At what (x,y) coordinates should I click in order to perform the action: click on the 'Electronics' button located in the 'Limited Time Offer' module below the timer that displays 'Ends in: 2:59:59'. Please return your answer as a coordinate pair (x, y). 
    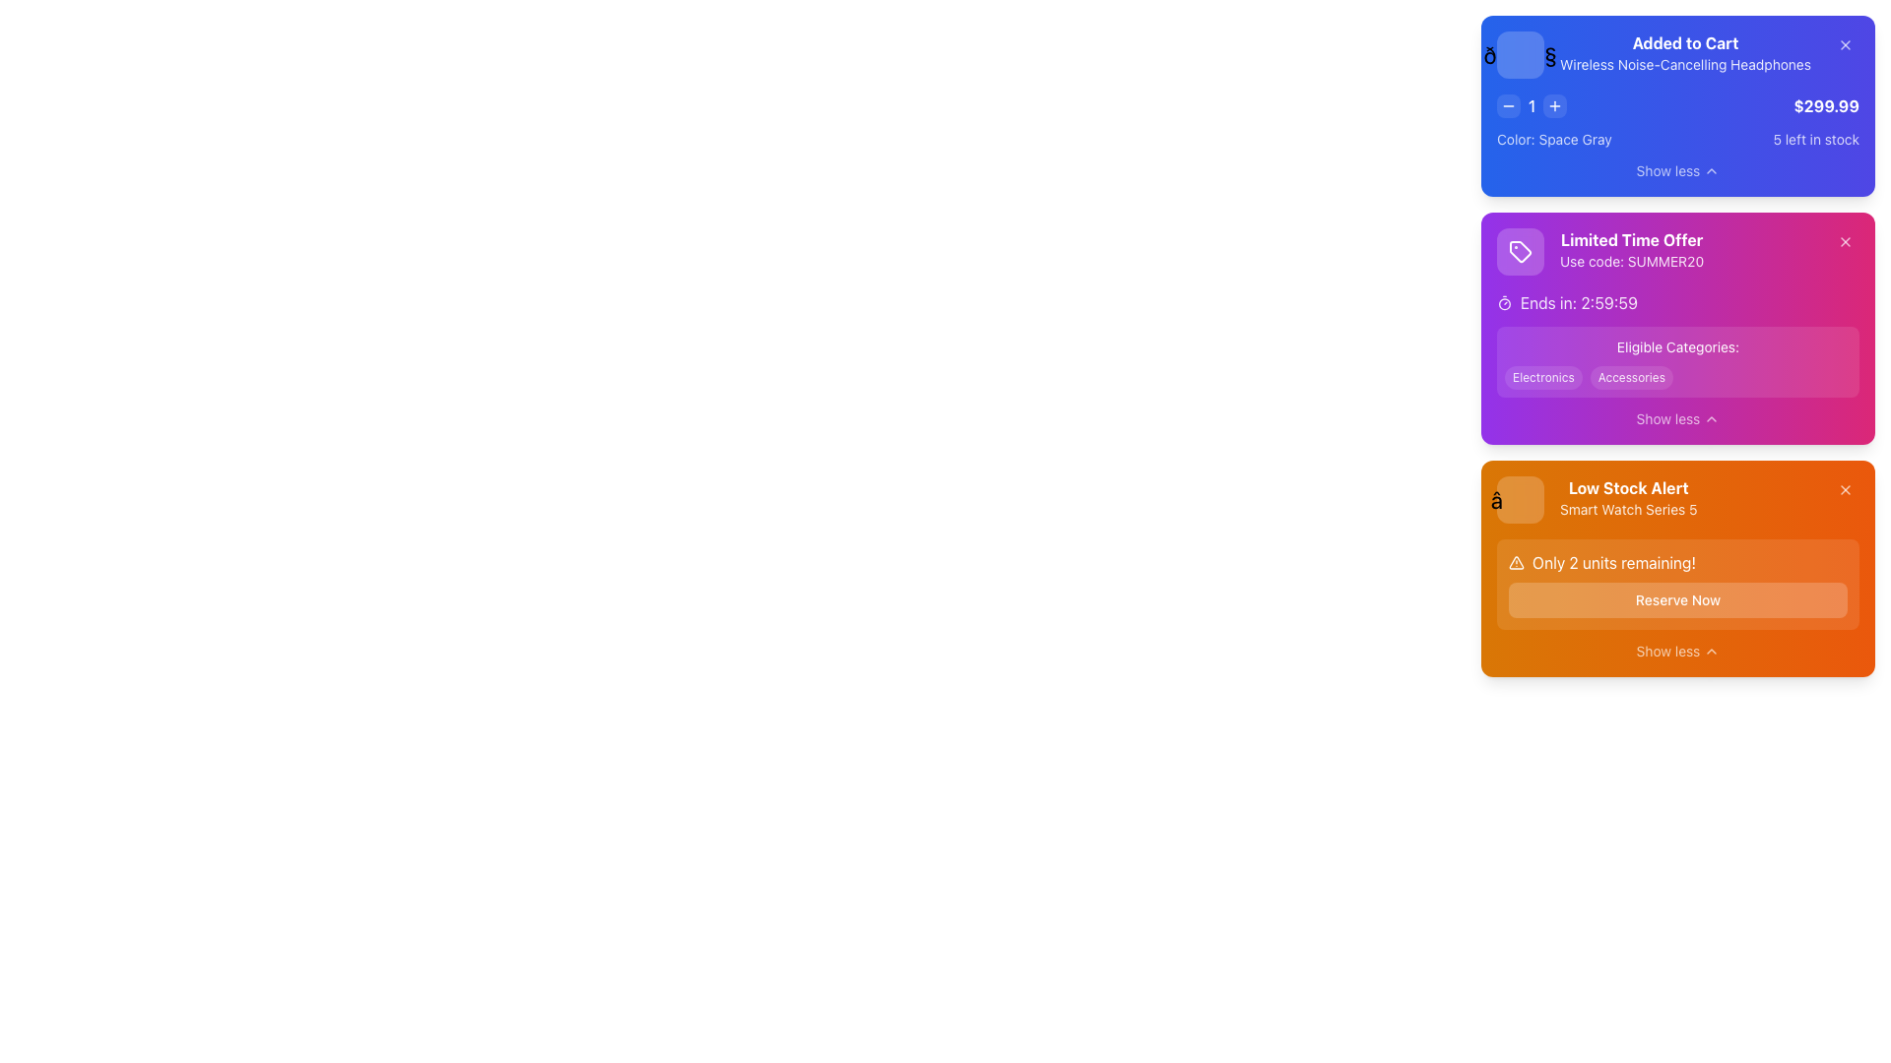
    Looking at the image, I should click on (1677, 361).